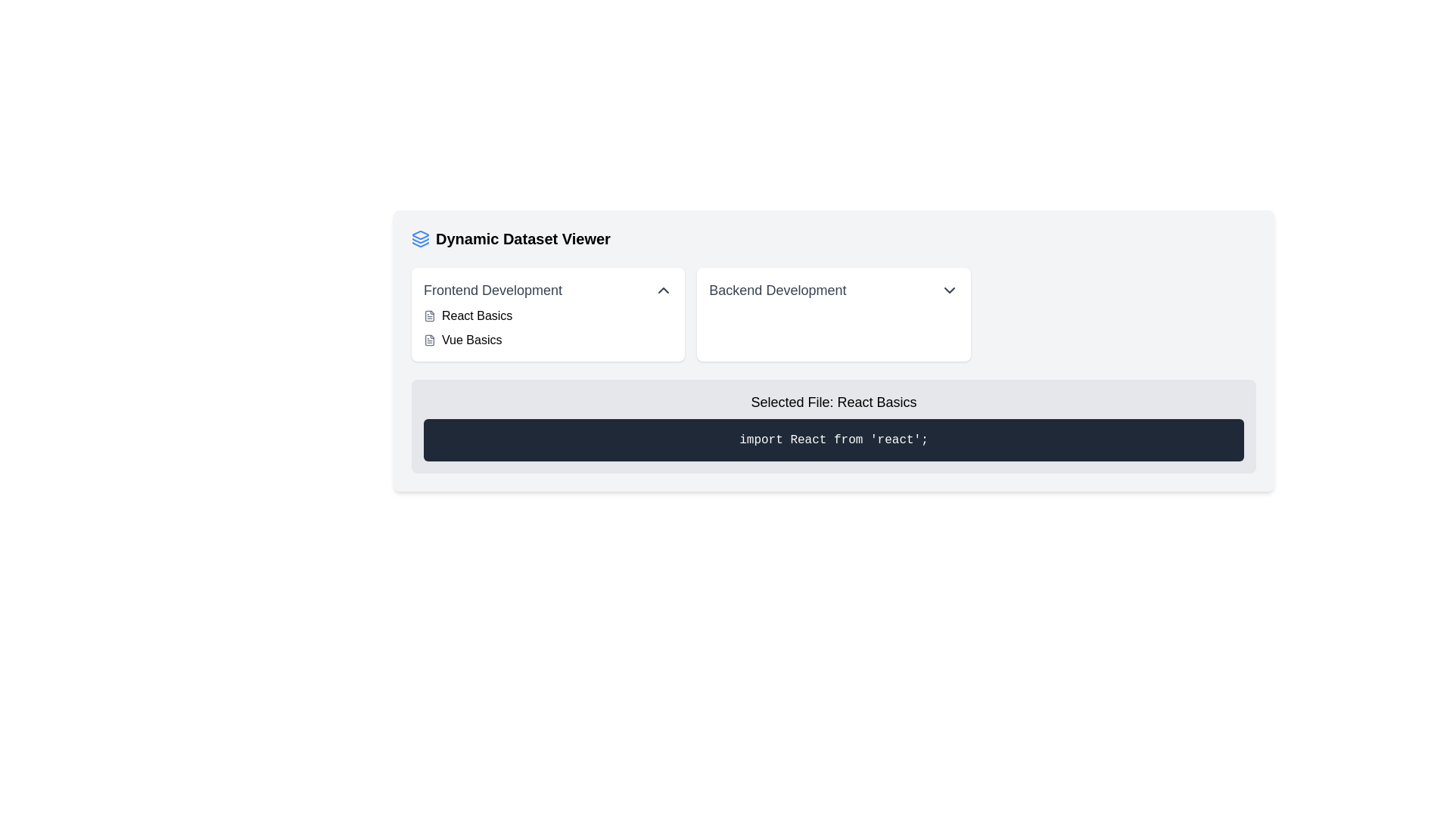  I want to click on the dropdown menu element labeled 'Backend Development', so click(833, 314).